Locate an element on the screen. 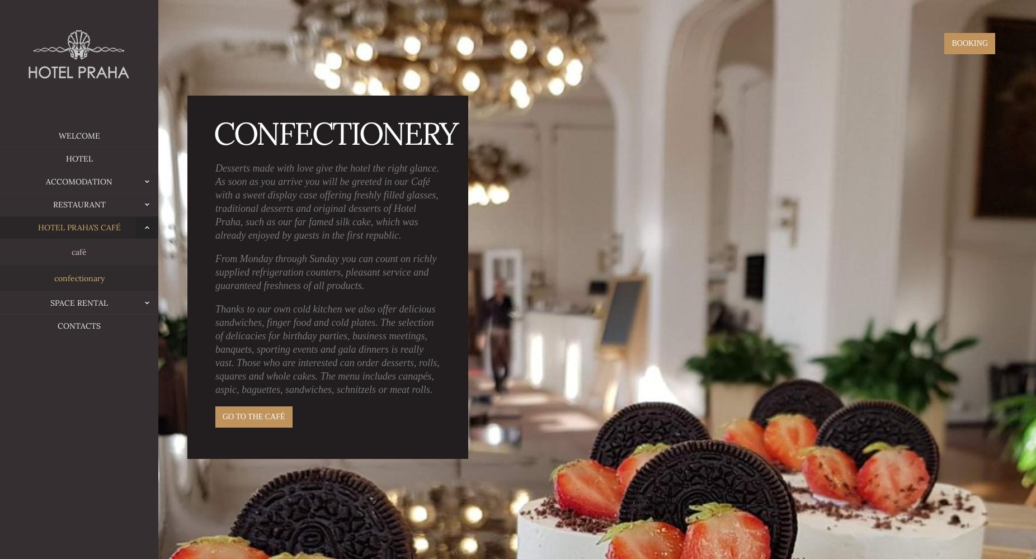 The height and width of the screenshot is (559, 1036). 'confectionery' is located at coordinates (335, 132).